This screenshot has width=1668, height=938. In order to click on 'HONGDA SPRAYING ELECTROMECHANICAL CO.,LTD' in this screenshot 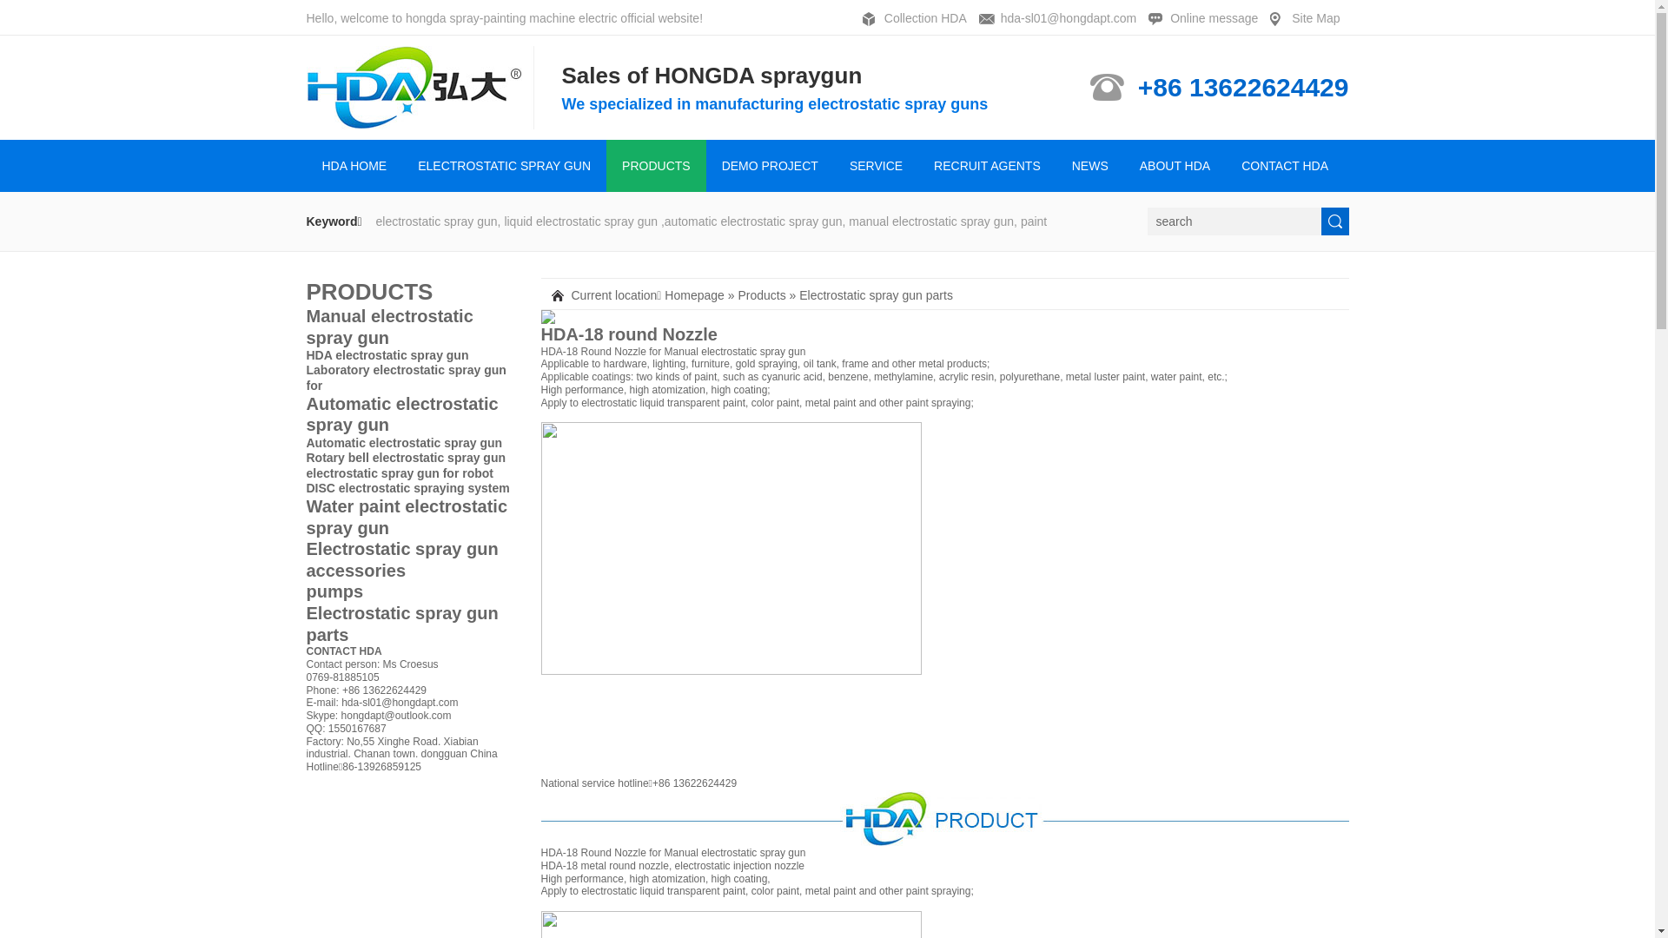, I will do `click(420, 87)`.